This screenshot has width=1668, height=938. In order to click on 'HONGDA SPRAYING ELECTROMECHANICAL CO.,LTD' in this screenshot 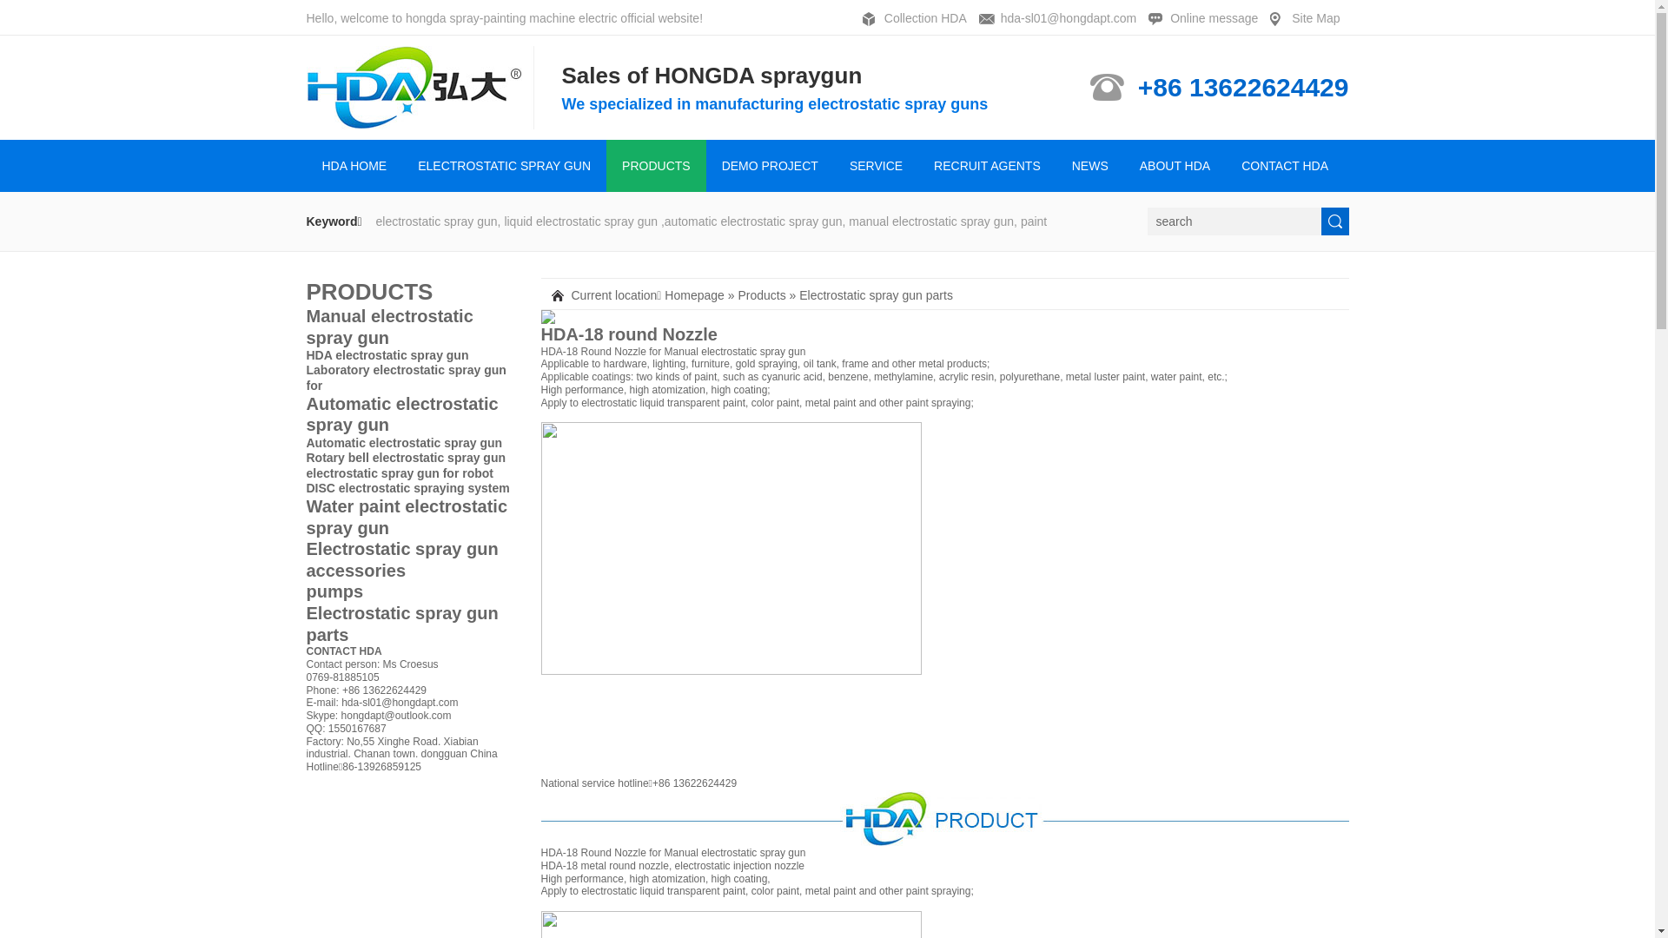, I will do `click(420, 87)`.